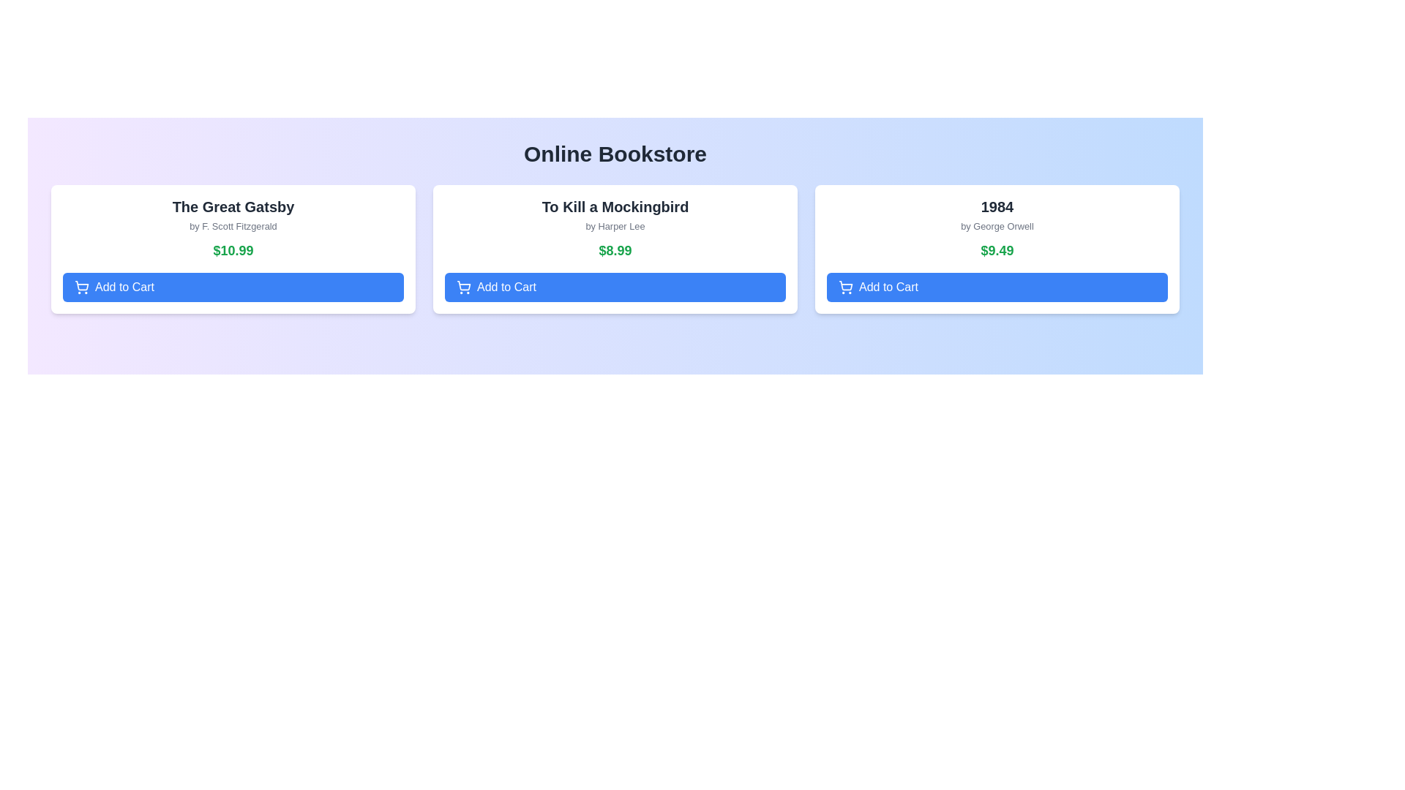  Describe the element at coordinates (232, 287) in the screenshot. I see `the button to add 'The Great Gatsby' to the cart, which is located at the bottom section of its card within the book grid layout` at that location.